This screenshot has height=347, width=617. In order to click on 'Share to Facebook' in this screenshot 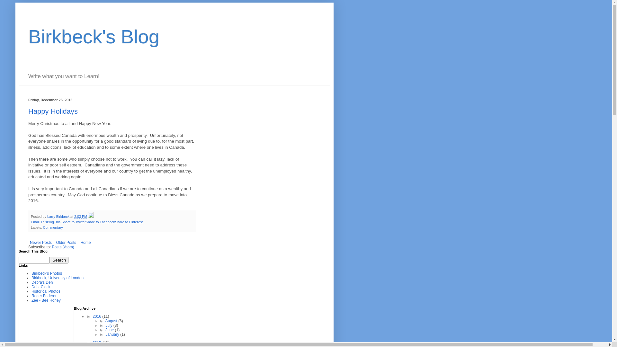, I will do `click(100, 221)`.